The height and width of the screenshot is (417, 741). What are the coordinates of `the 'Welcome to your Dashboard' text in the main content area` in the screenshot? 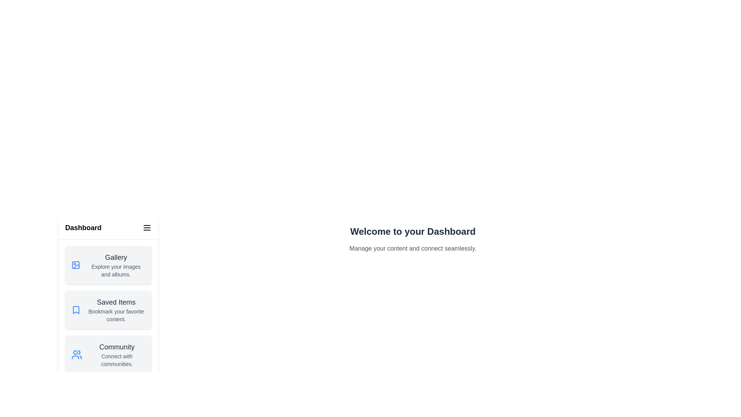 It's located at (413, 231).